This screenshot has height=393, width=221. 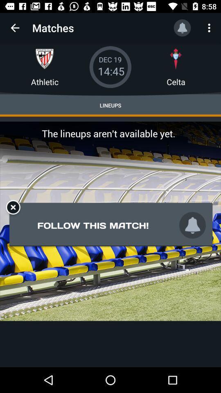 I want to click on the close icon, so click(x=13, y=208).